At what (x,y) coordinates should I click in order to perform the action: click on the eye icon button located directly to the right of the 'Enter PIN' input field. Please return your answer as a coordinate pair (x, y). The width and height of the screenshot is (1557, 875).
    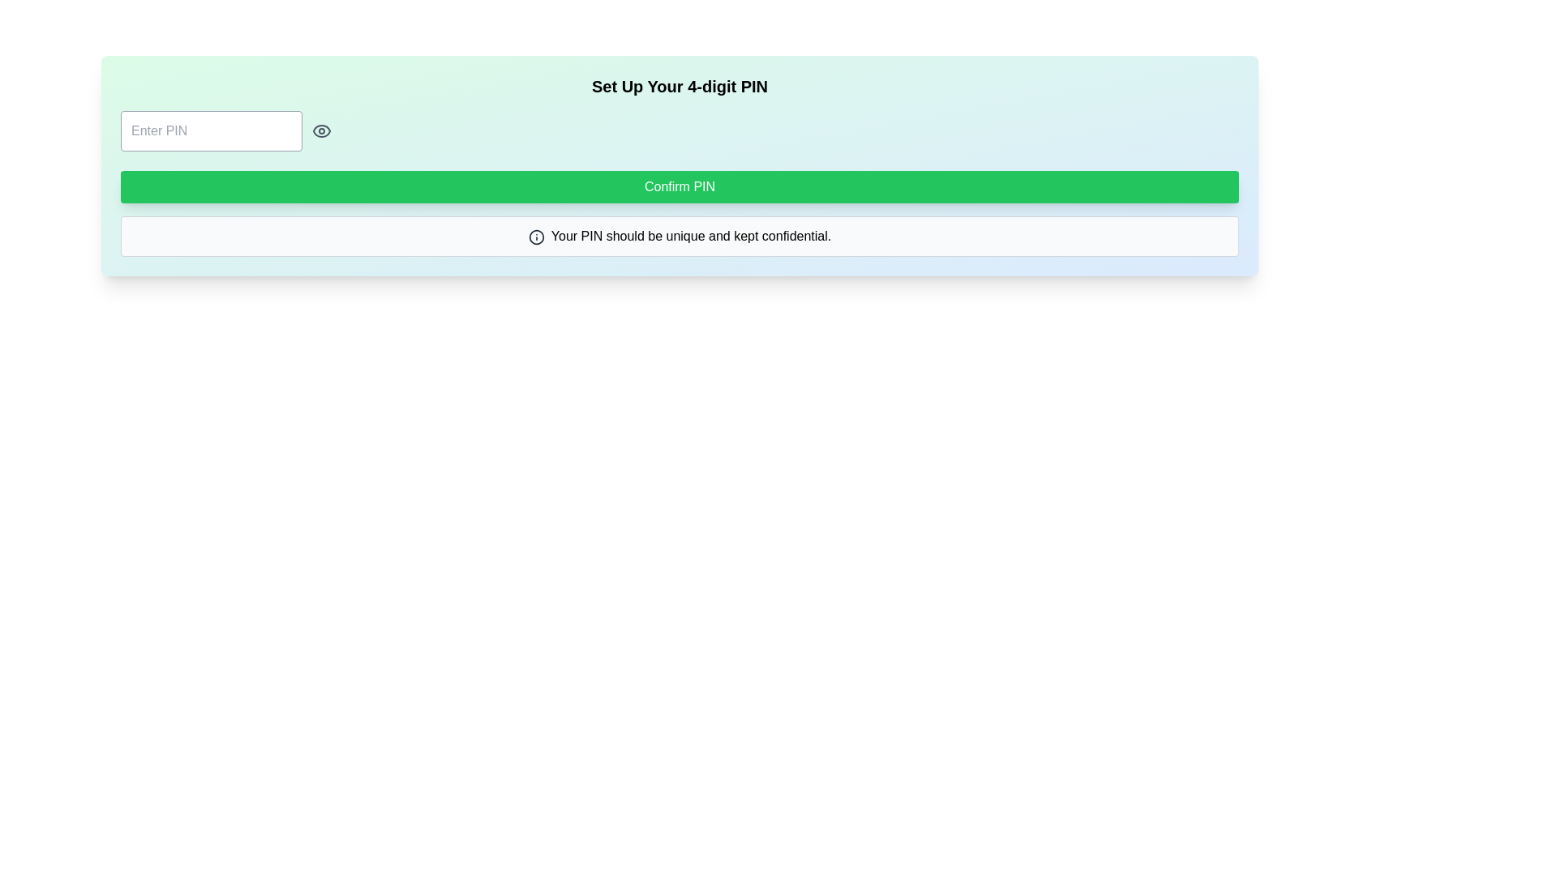
    Looking at the image, I should click on (322, 130).